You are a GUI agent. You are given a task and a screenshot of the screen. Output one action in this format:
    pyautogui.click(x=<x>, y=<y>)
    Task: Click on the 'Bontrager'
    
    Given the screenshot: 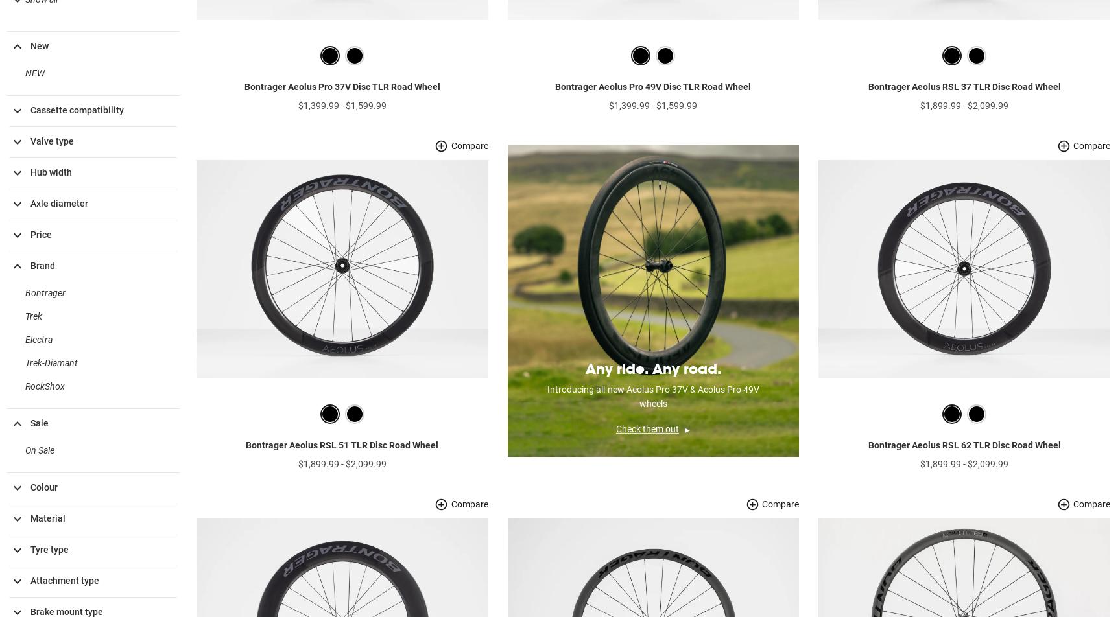 What is the action you would take?
    pyautogui.click(x=25, y=313)
    